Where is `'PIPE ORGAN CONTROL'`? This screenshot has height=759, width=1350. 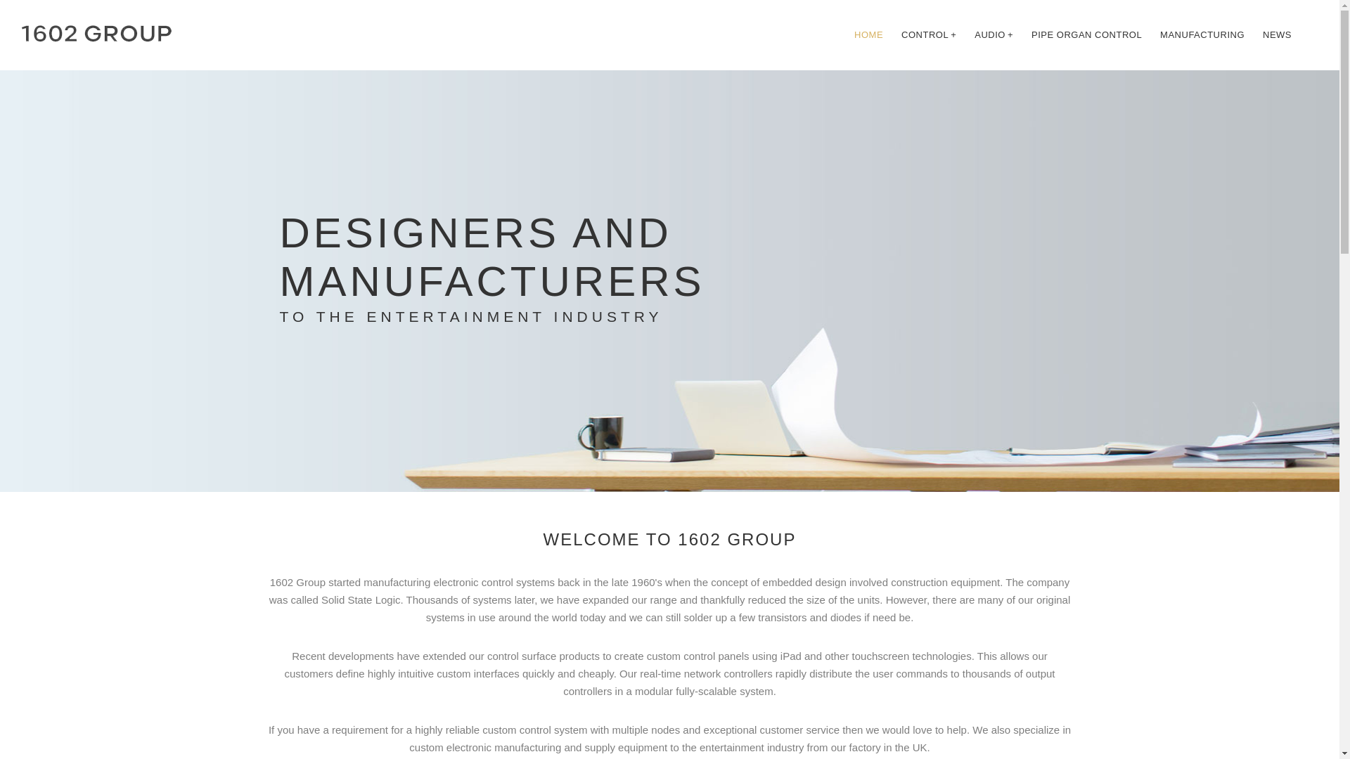 'PIPE ORGAN CONTROL' is located at coordinates (1022, 34).